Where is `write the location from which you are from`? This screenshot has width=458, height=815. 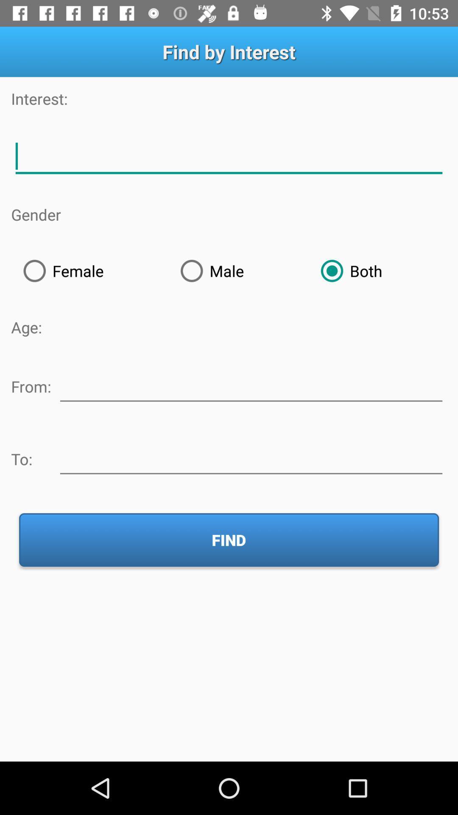 write the location from which you are from is located at coordinates (251, 385).